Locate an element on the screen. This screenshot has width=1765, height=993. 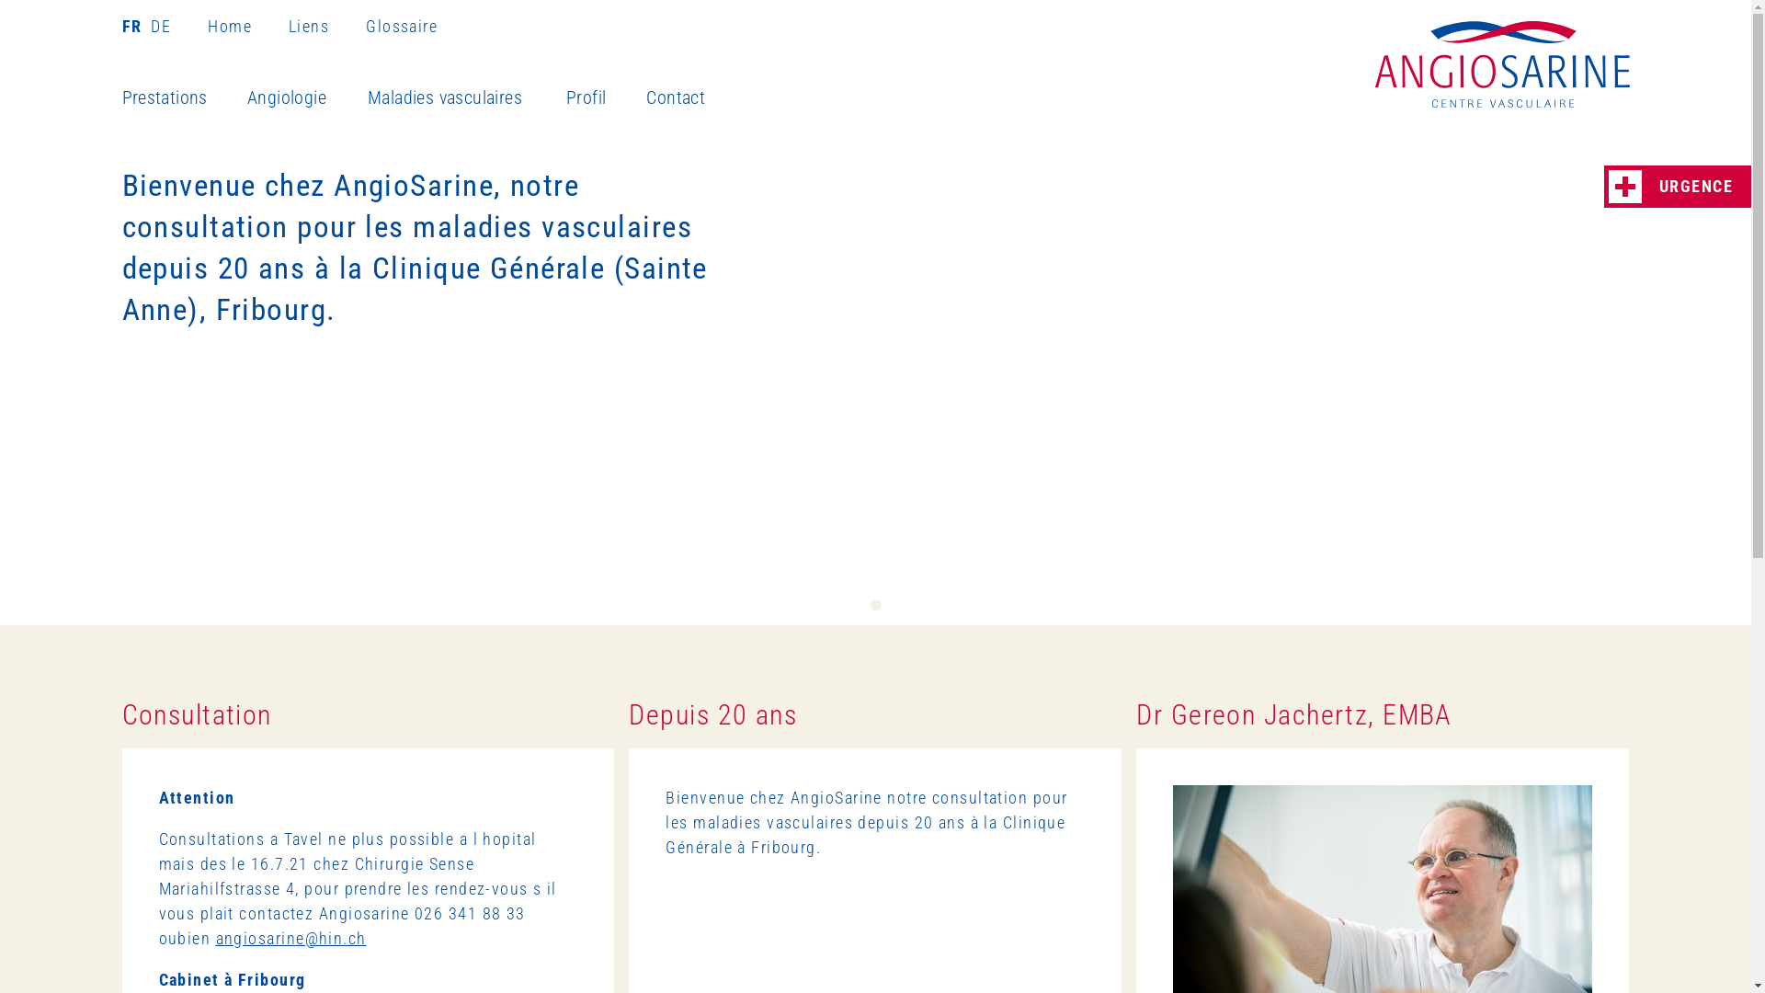
'Zur Startseite' is located at coordinates (1501, 63).